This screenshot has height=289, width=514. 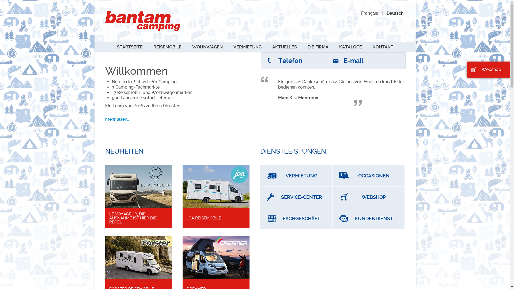 What do you see at coordinates (368, 219) in the screenshot?
I see `'KUNDENDIENST'` at bounding box center [368, 219].